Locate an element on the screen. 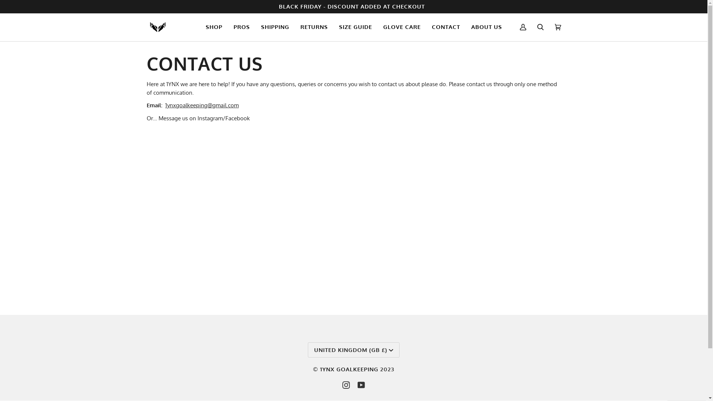 The height and width of the screenshot is (401, 713). 'YOUTUBE' is located at coordinates (361, 385).